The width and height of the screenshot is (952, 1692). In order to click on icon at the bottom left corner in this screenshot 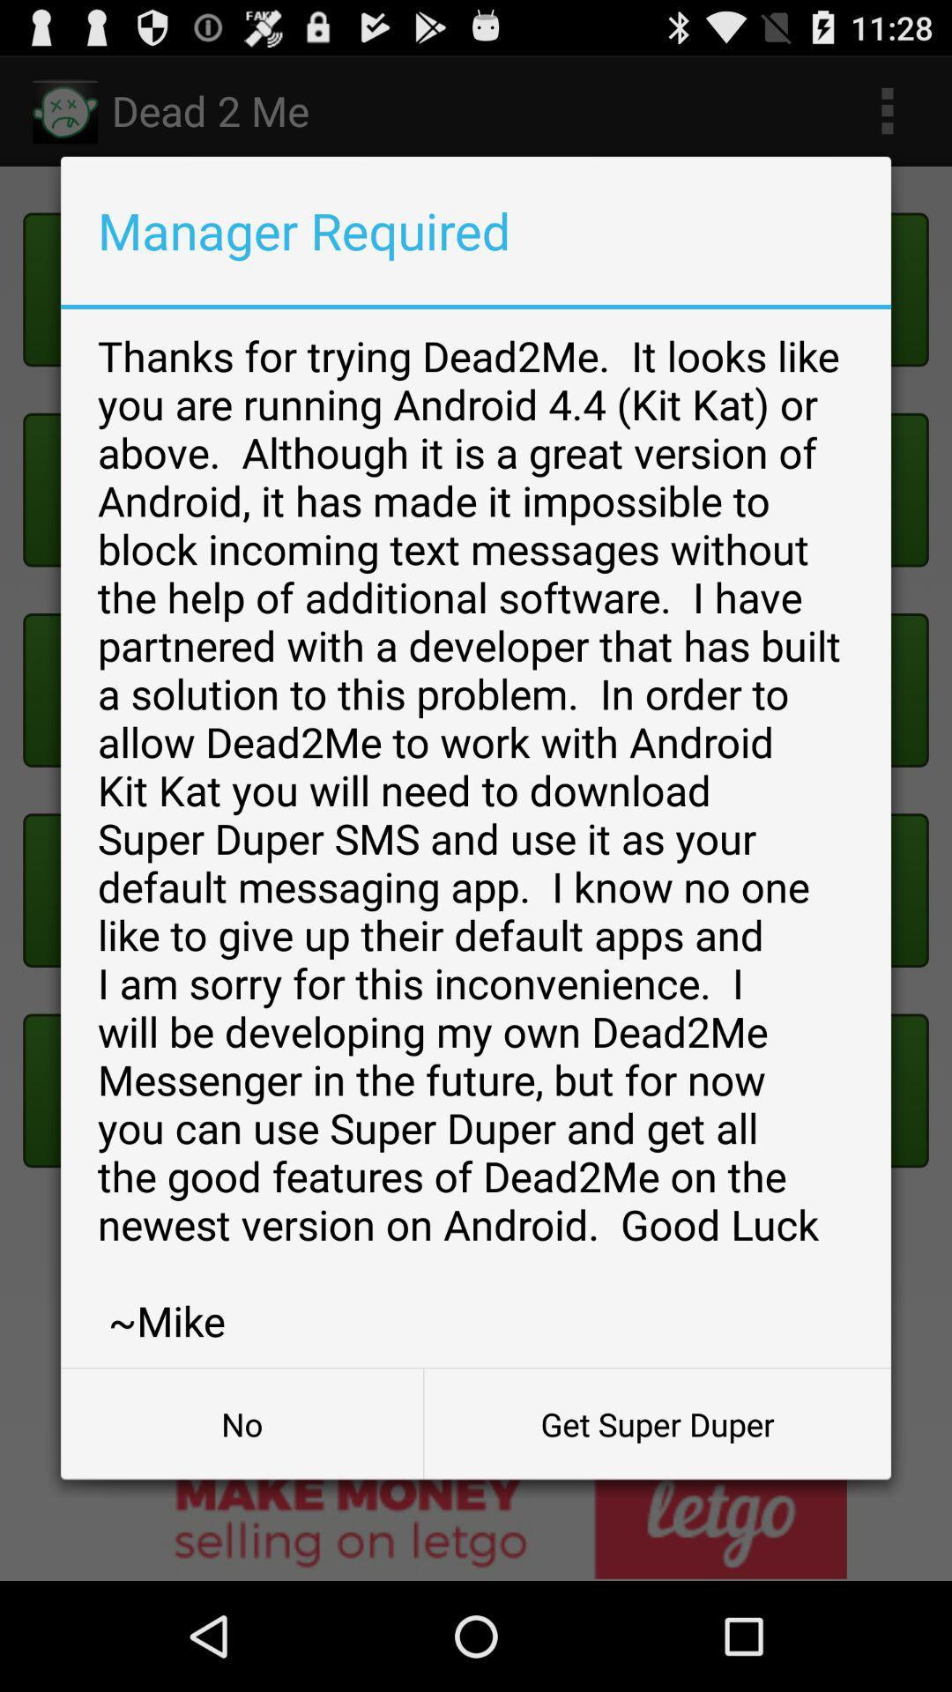, I will do `click(242, 1424)`.